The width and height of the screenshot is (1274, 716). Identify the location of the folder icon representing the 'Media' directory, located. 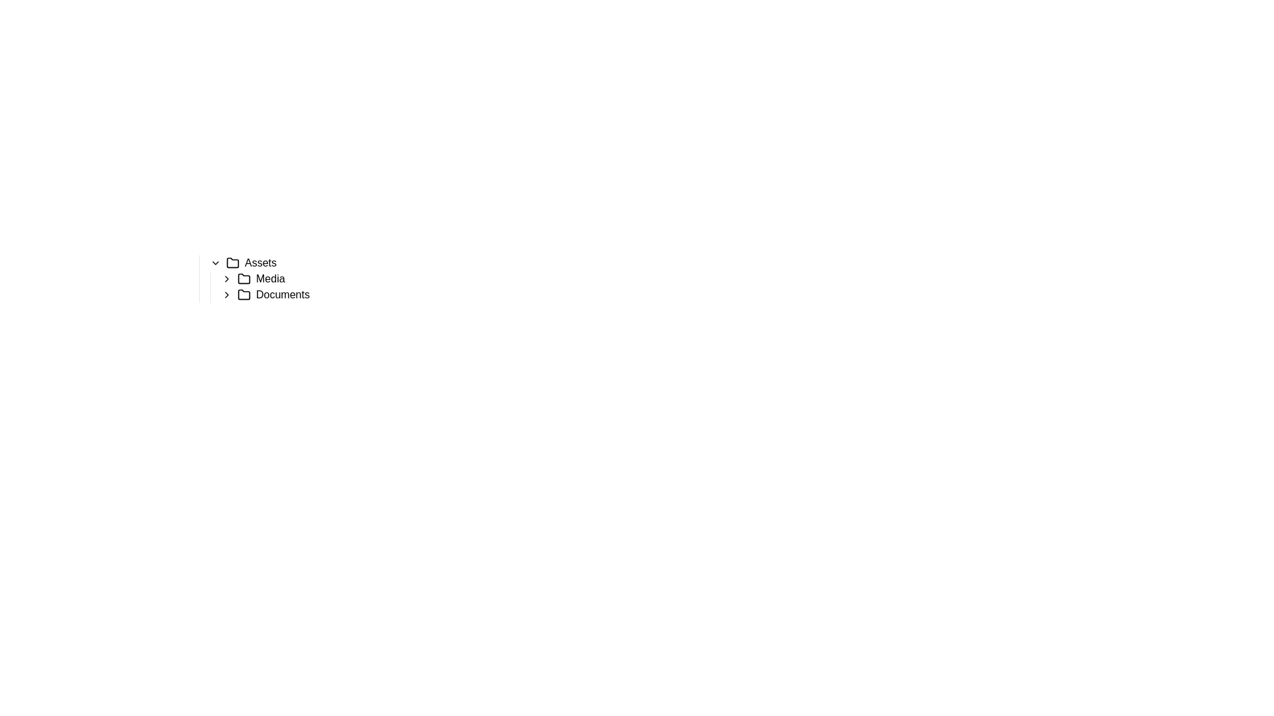
(244, 278).